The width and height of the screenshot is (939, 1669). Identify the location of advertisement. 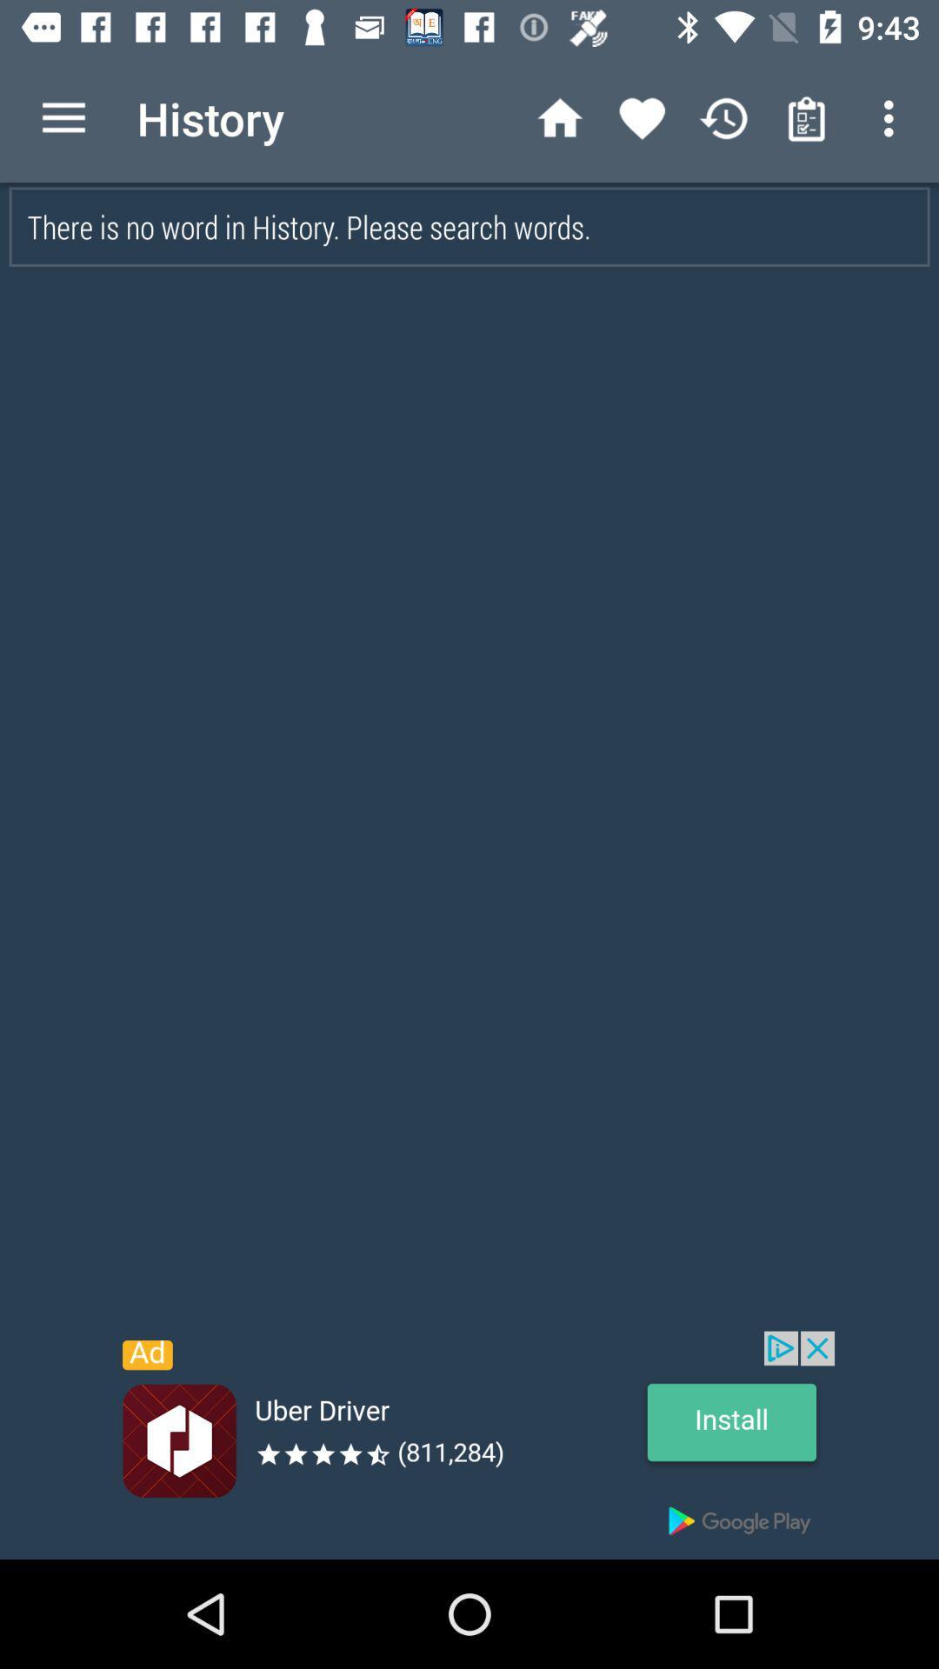
(469, 1445).